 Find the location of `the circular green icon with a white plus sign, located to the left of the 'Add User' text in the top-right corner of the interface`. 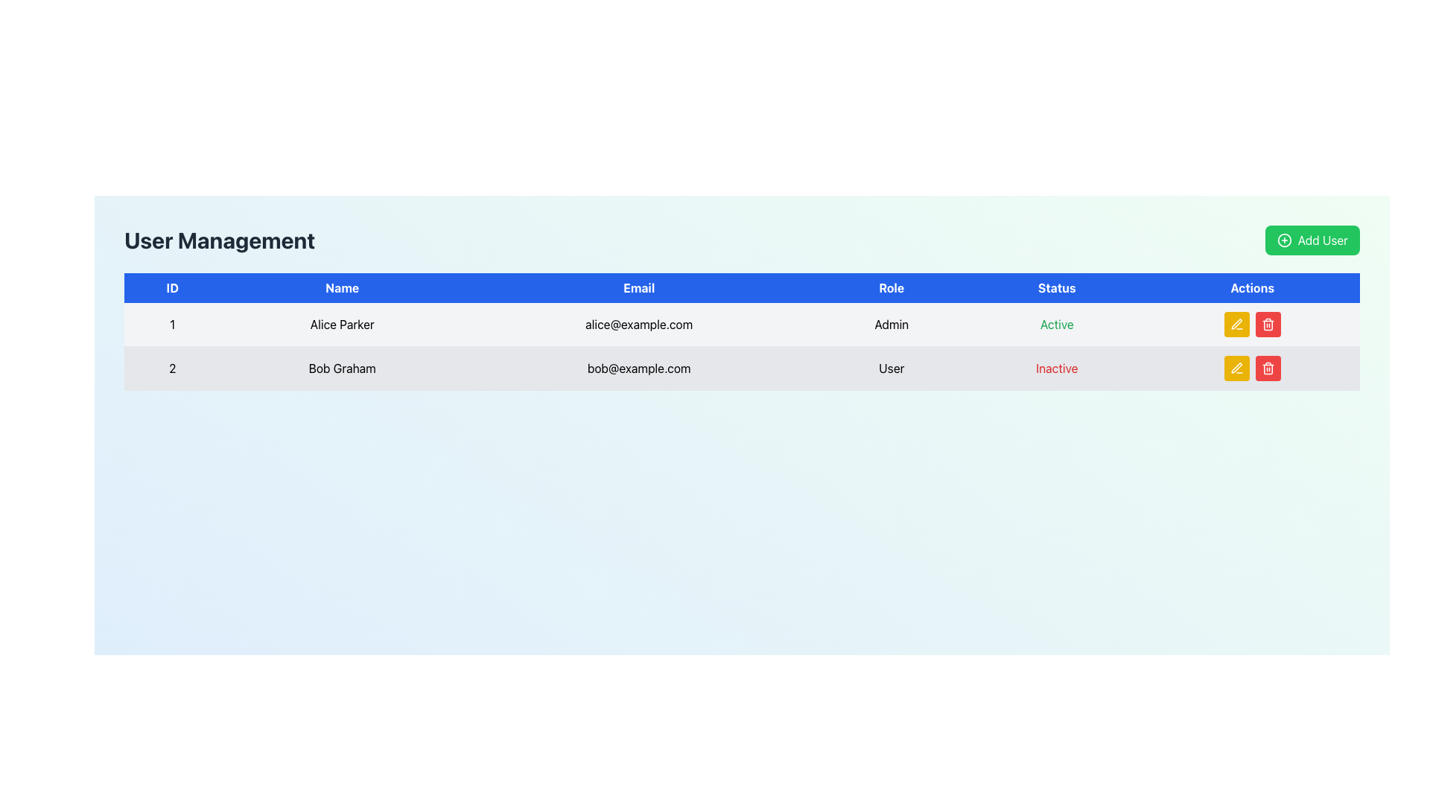

the circular green icon with a white plus sign, located to the left of the 'Add User' text in the top-right corner of the interface is located at coordinates (1283, 240).